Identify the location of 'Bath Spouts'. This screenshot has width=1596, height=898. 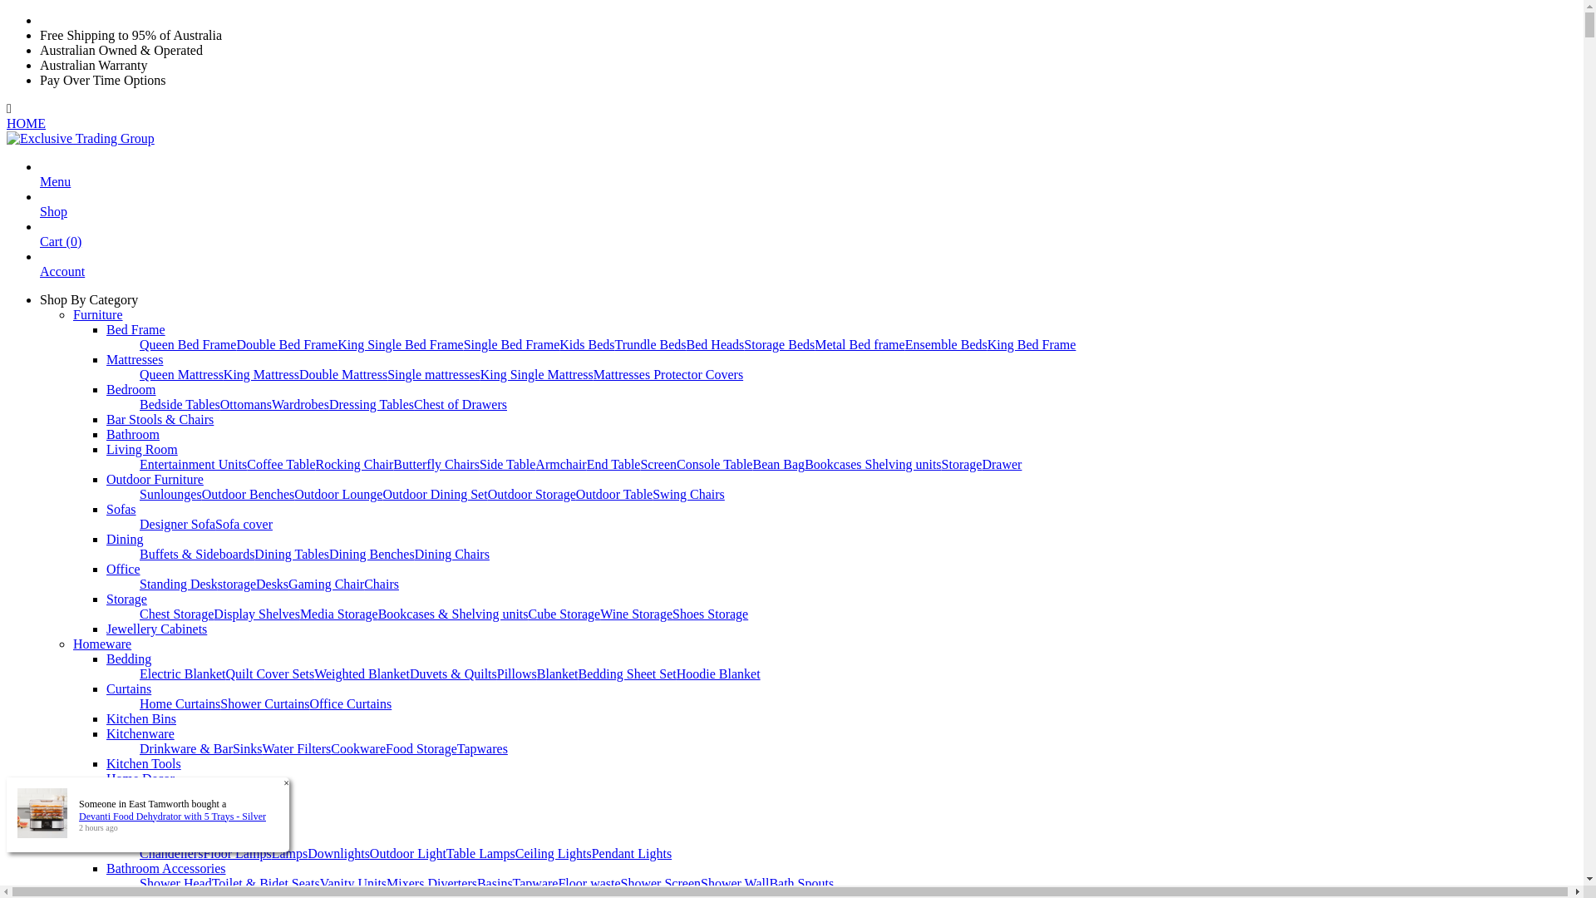
(801, 882).